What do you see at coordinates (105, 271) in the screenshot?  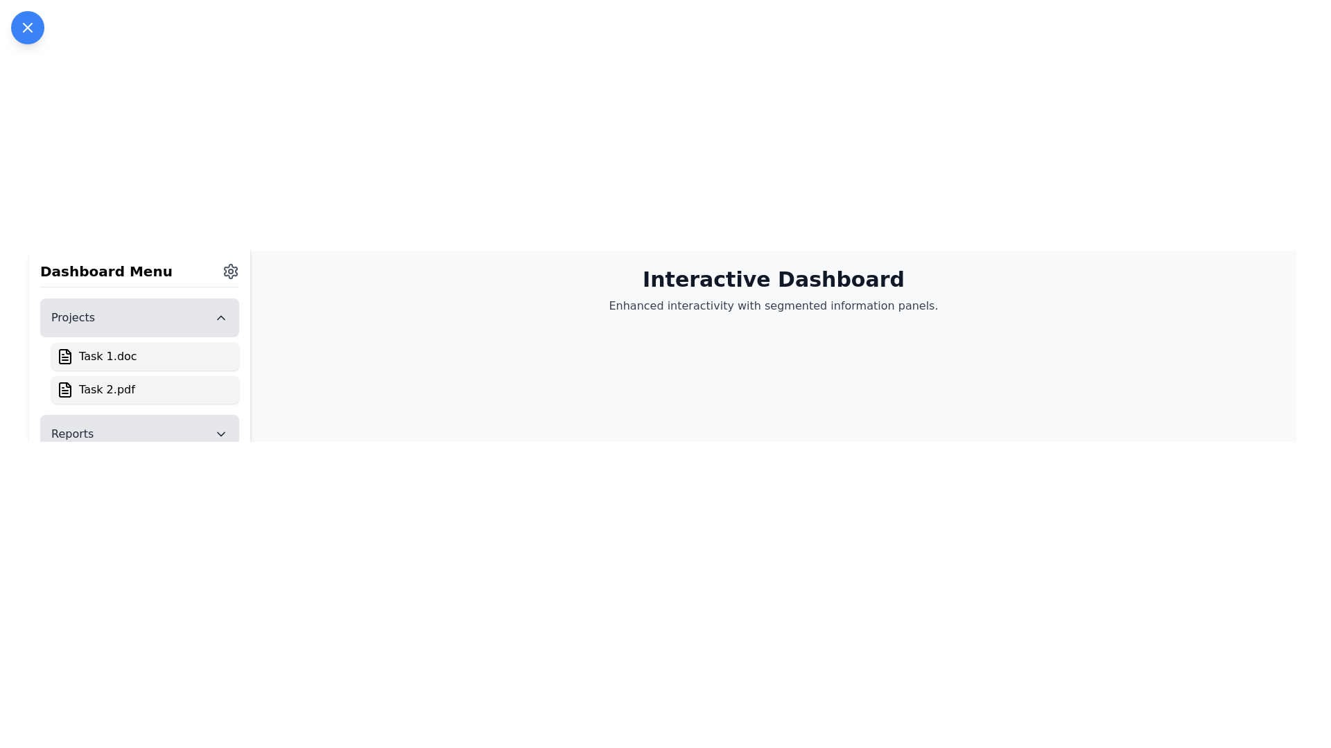 I see `the 'Dashboard Menu' text label located in the top-left corner of the sidebar, which serves as a header for the section` at bounding box center [105, 271].